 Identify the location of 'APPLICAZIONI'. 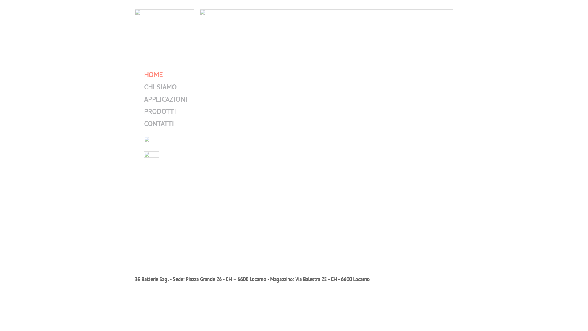
(144, 99).